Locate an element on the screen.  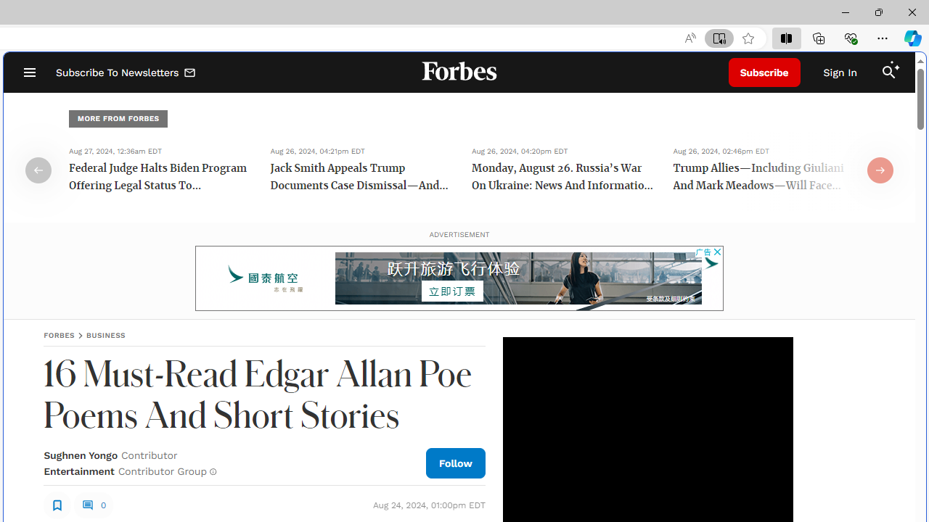
'Class: envelope_svg__fs-icon envelope_svg__fs-icon--envelope' is located at coordinates (189, 74).